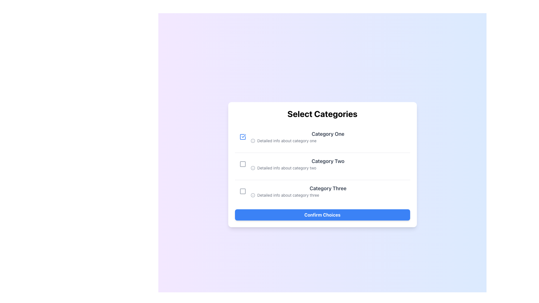 This screenshot has height=303, width=539. I want to click on the central category selection panel, so click(322, 164).